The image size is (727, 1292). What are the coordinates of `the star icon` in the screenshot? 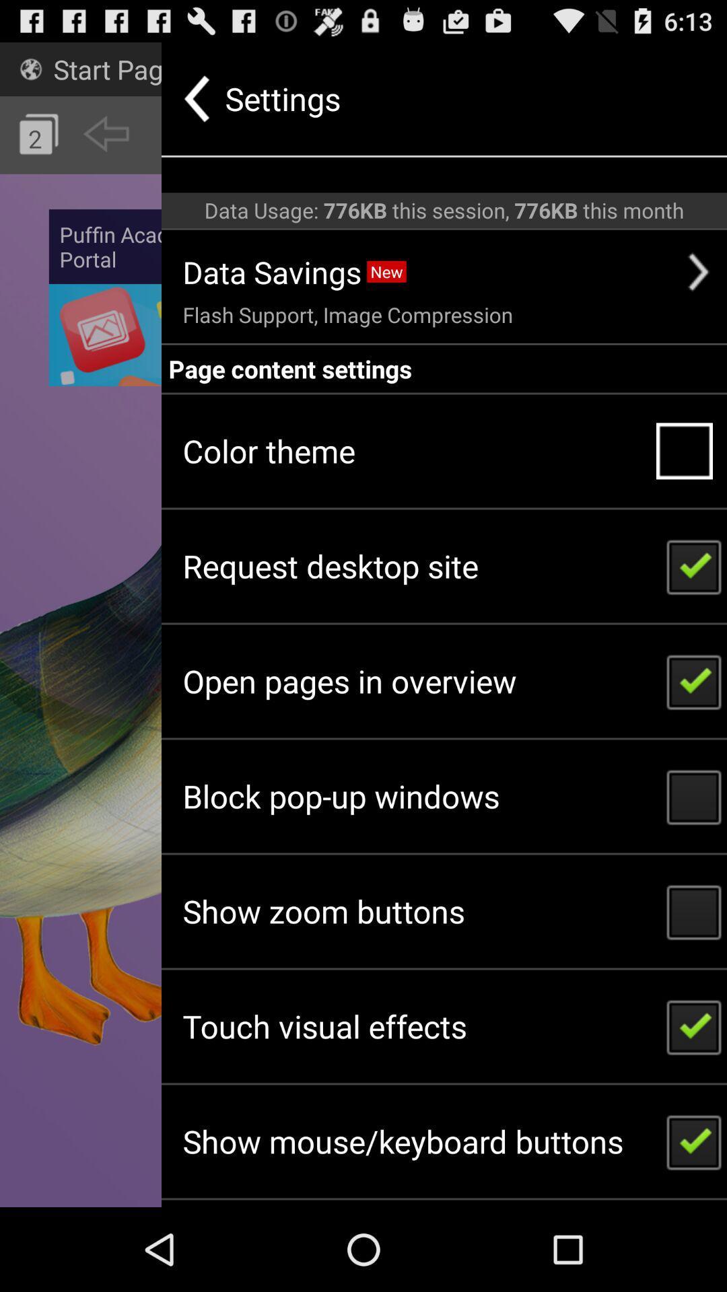 It's located at (247, 73).